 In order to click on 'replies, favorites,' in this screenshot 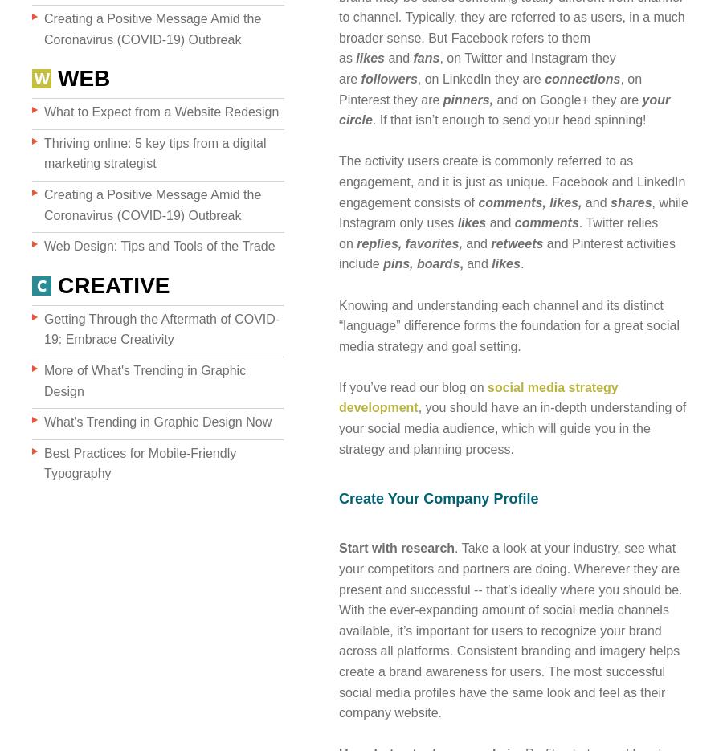, I will do `click(356, 243)`.